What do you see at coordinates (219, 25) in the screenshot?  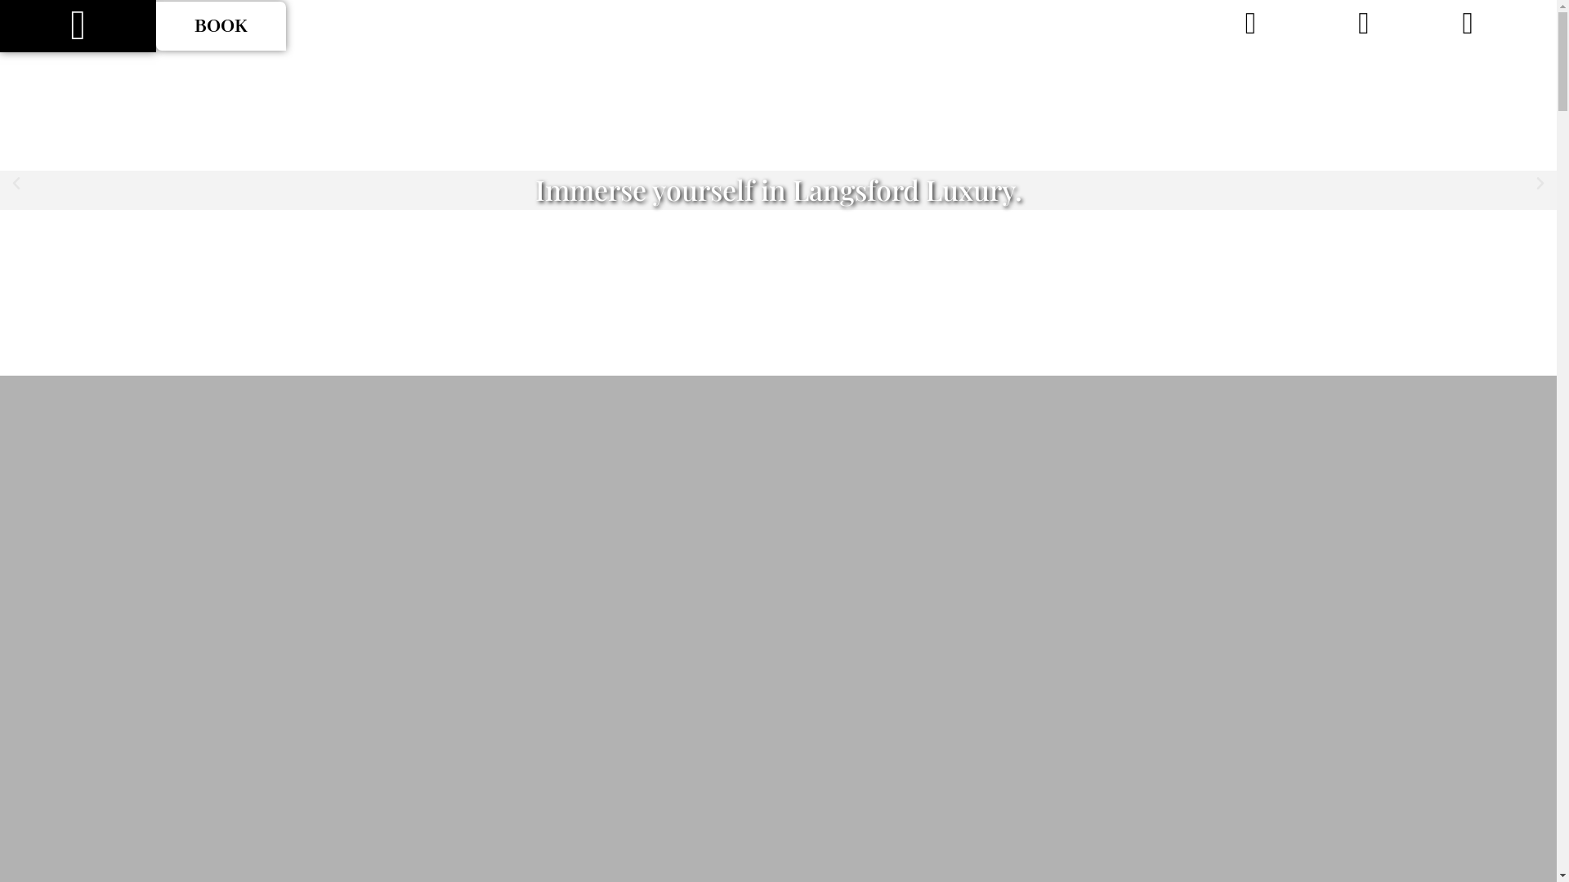 I see `'BOOK'` at bounding box center [219, 25].